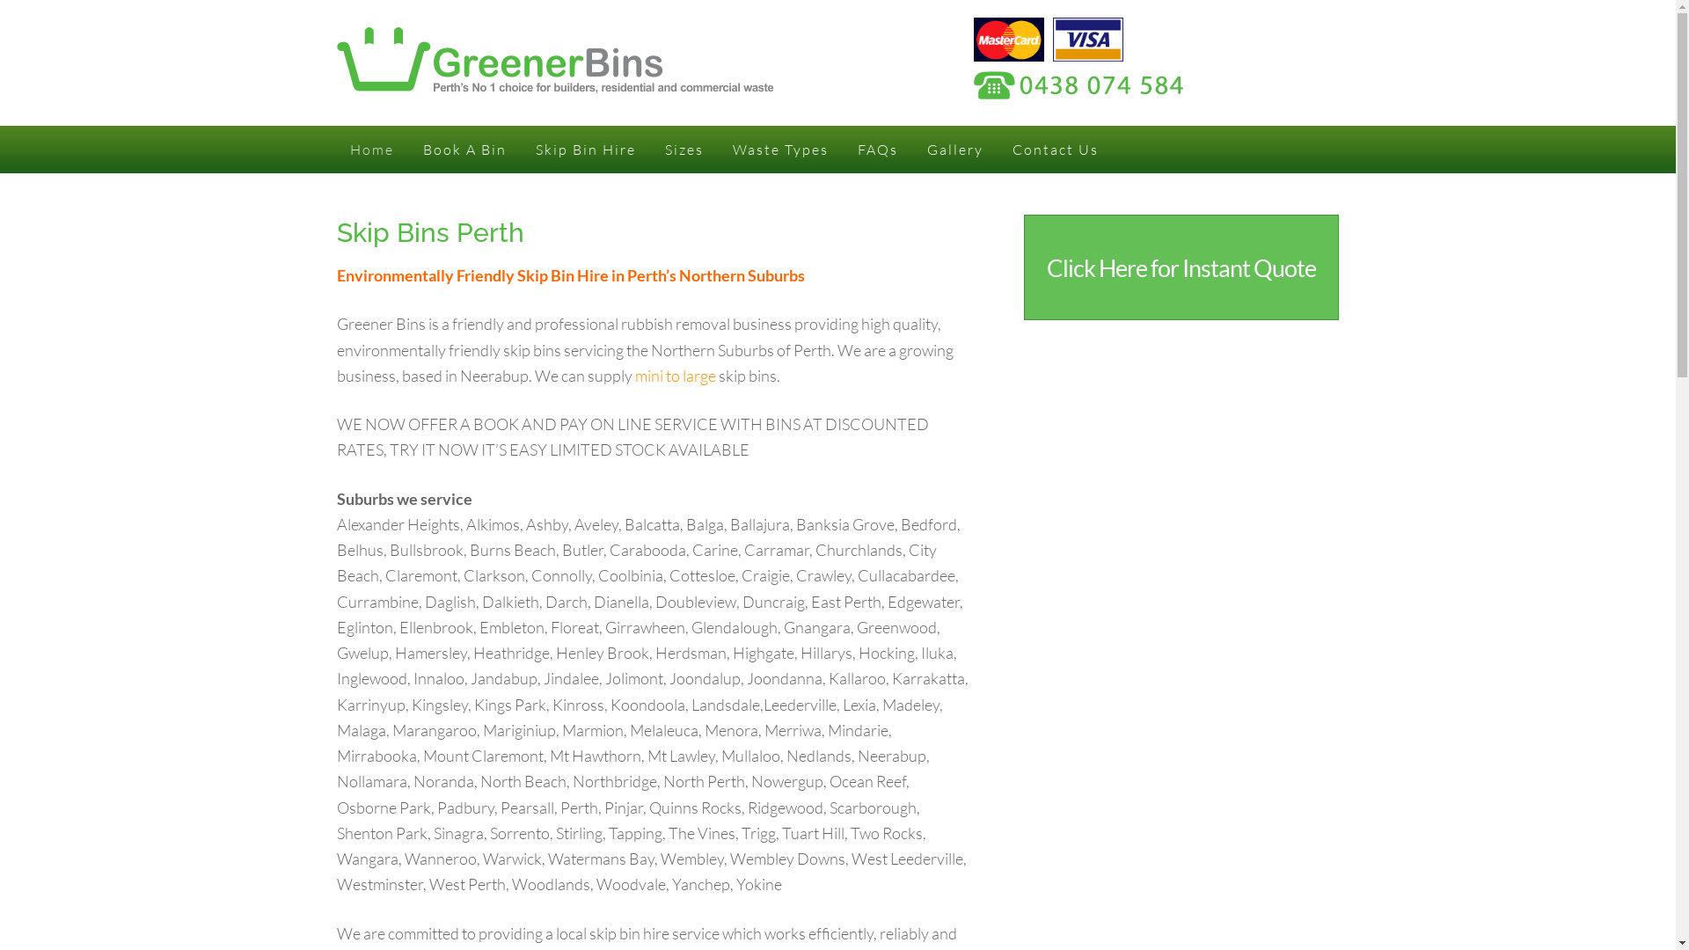 This screenshot has width=1689, height=950. Describe the element at coordinates (878, 148) in the screenshot. I see `'FAQs'` at that location.